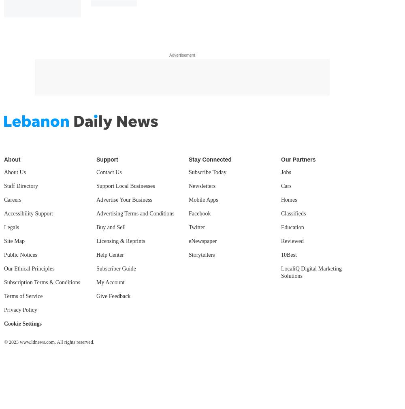 The image size is (405, 409). What do you see at coordinates (110, 254) in the screenshot?
I see `'Help Center'` at bounding box center [110, 254].